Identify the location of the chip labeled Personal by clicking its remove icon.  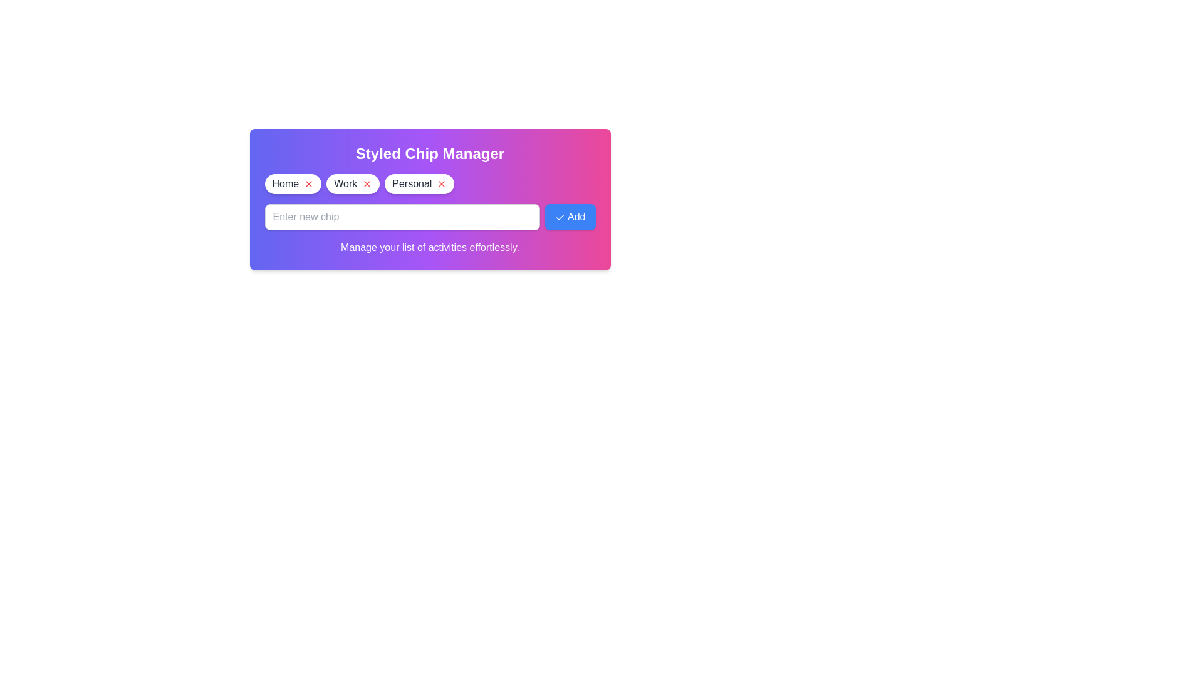
(442, 183).